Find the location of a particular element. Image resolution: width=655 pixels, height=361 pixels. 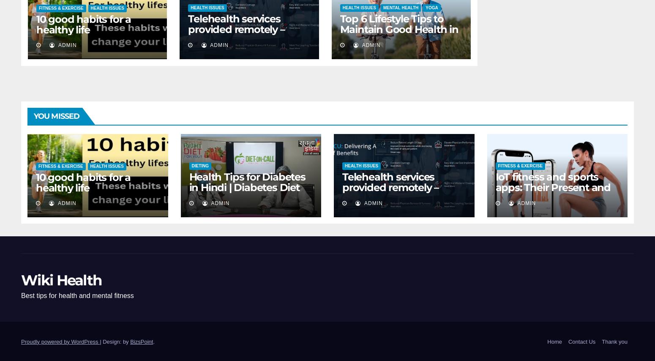

'.' is located at coordinates (153, 341).